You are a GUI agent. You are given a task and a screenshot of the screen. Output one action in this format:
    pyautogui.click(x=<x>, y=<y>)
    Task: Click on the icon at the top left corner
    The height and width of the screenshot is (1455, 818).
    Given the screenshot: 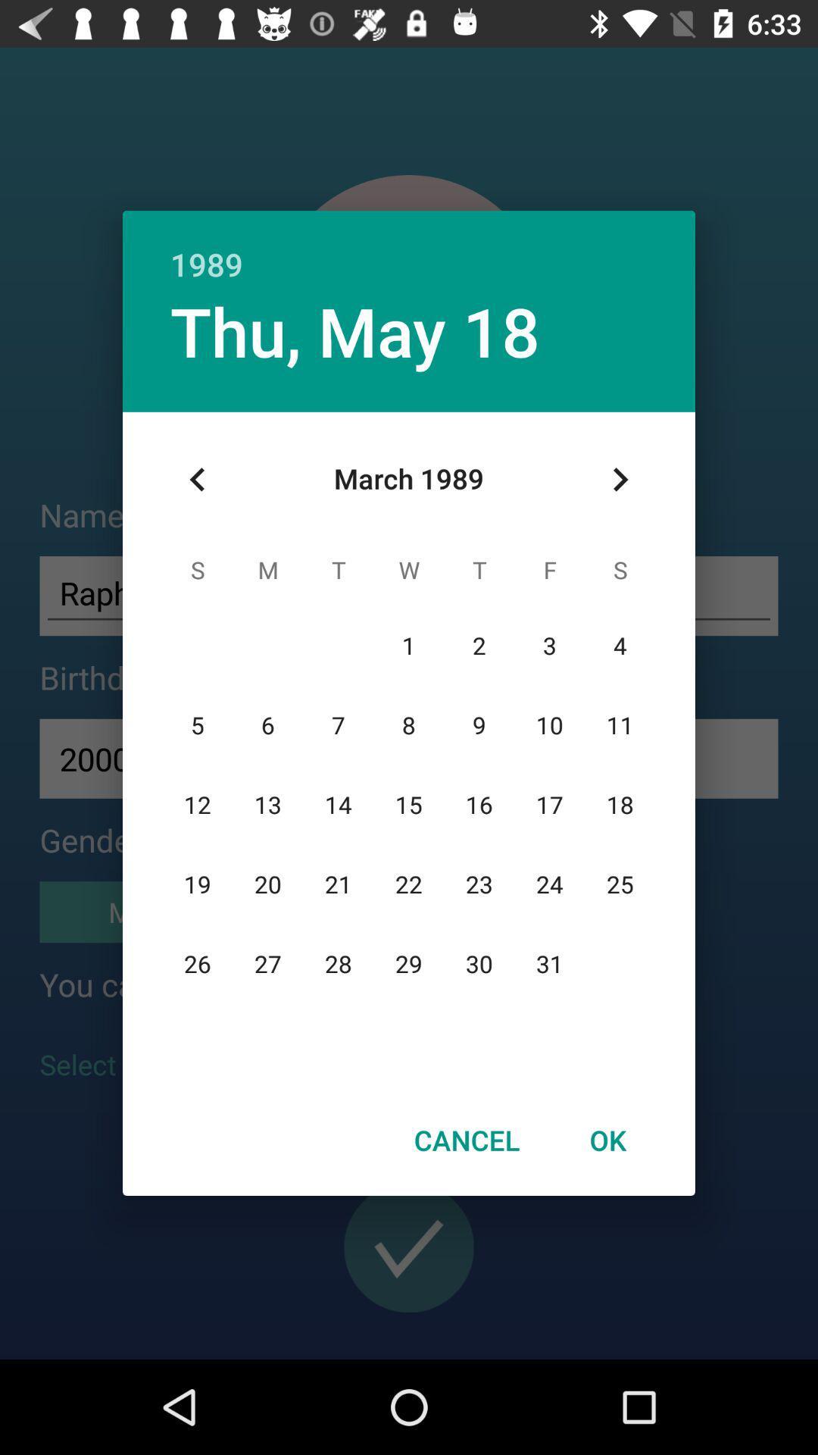 What is the action you would take?
    pyautogui.click(x=197, y=479)
    